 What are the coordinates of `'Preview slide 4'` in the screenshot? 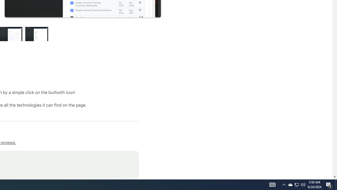 It's located at (37, 34).